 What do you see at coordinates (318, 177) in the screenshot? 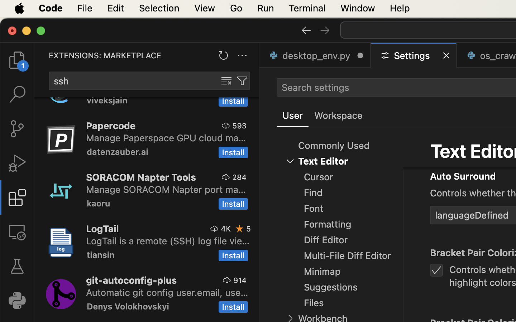
I see `'Cursor'` at bounding box center [318, 177].